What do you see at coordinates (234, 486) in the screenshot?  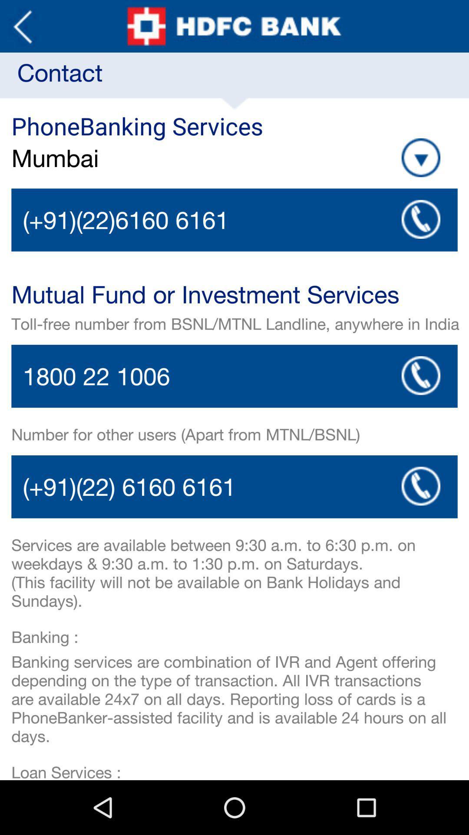 I see `call number` at bounding box center [234, 486].